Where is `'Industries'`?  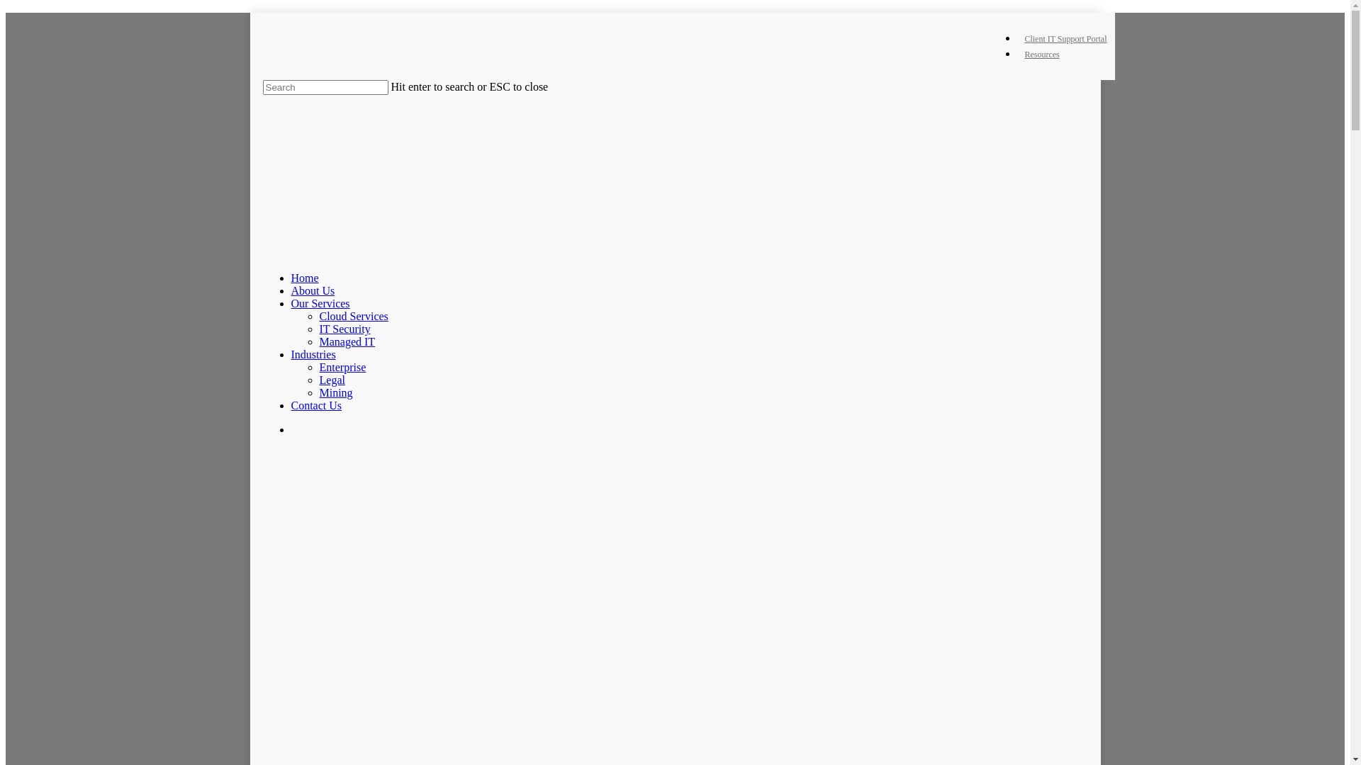
'Industries' is located at coordinates (289, 353).